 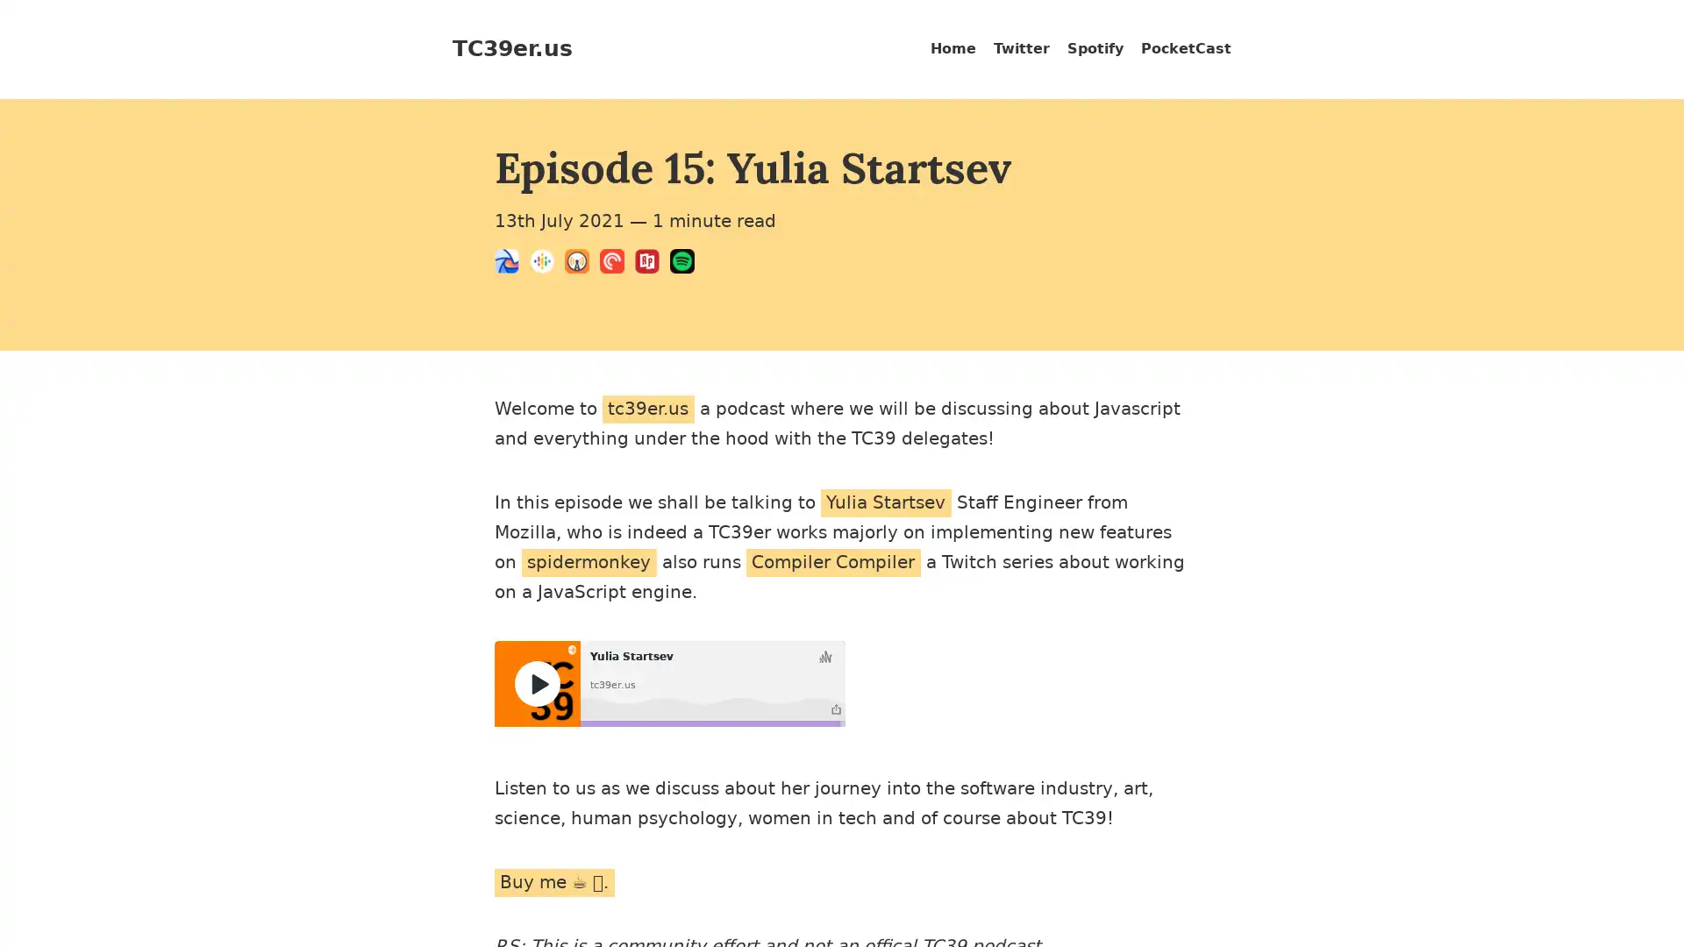 I want to click on Breaker Logo, so click(x=511, y=264).